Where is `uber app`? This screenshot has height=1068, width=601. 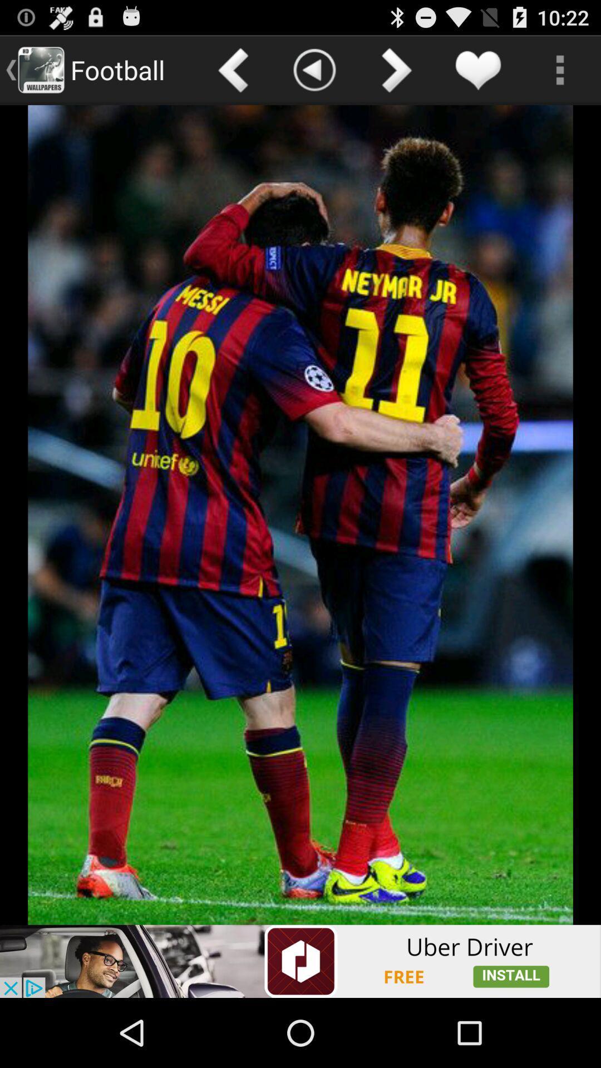
uber app is located at coordinates (300, 961).